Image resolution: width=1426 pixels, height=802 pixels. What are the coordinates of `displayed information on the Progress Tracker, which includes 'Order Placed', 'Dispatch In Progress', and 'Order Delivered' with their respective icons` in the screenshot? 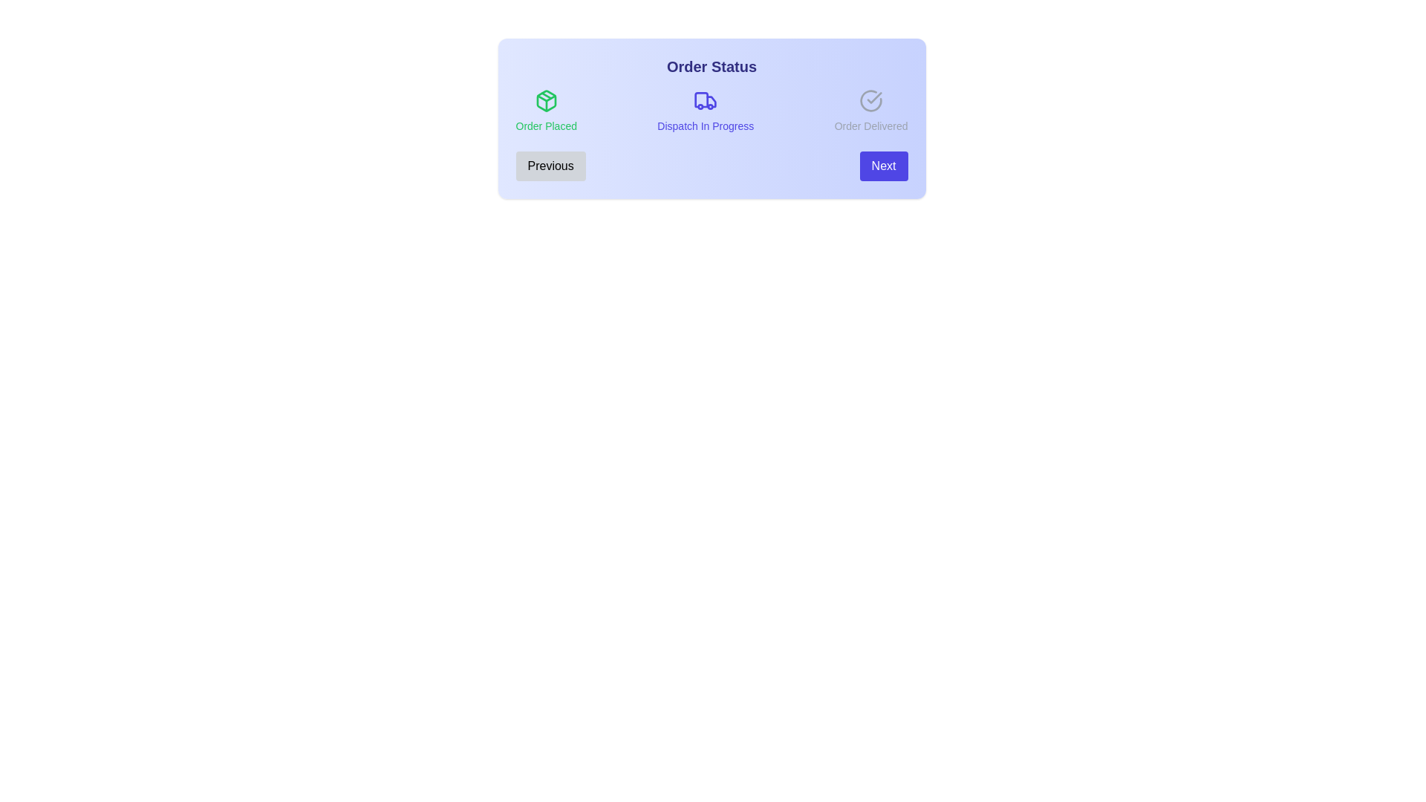 It's located at (711, 117).